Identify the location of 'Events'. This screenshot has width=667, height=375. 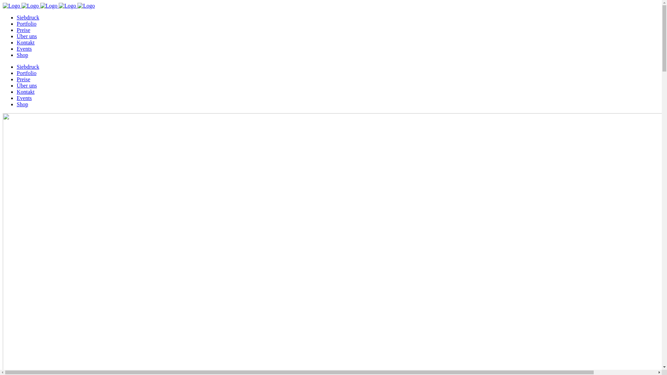
(17, 48).